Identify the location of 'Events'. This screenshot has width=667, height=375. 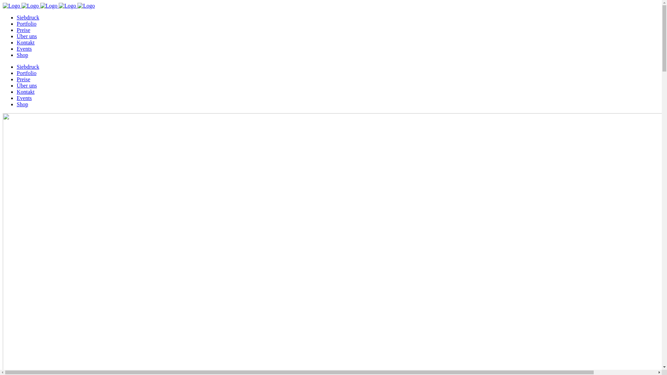
(17, 48).